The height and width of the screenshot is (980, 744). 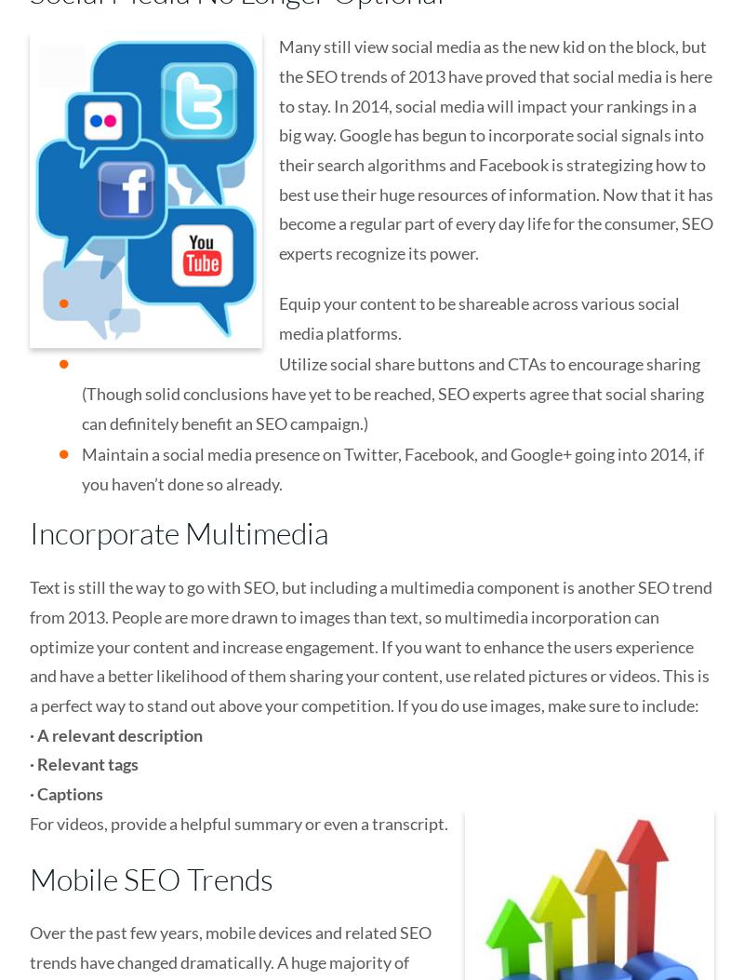 What do you see at coordinates (178, 531) in the screenshot?
I see `'Incorporate Multimedia'` at bounding box center [178, 531].